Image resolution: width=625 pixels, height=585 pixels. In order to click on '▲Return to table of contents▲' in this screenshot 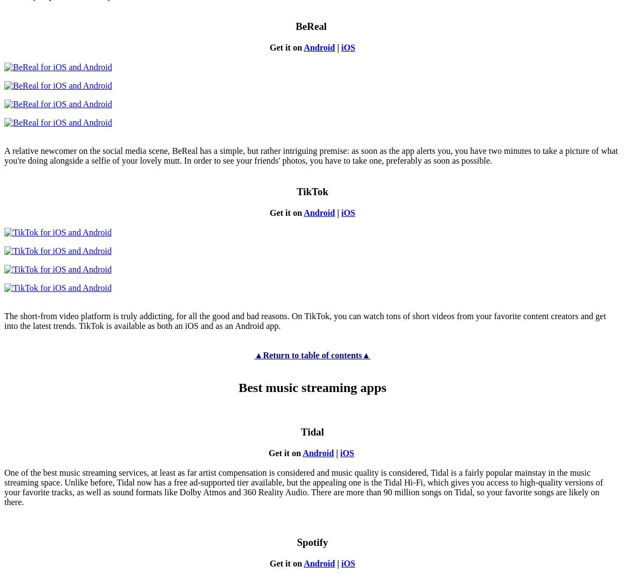, I will do `click(312, 354)`.